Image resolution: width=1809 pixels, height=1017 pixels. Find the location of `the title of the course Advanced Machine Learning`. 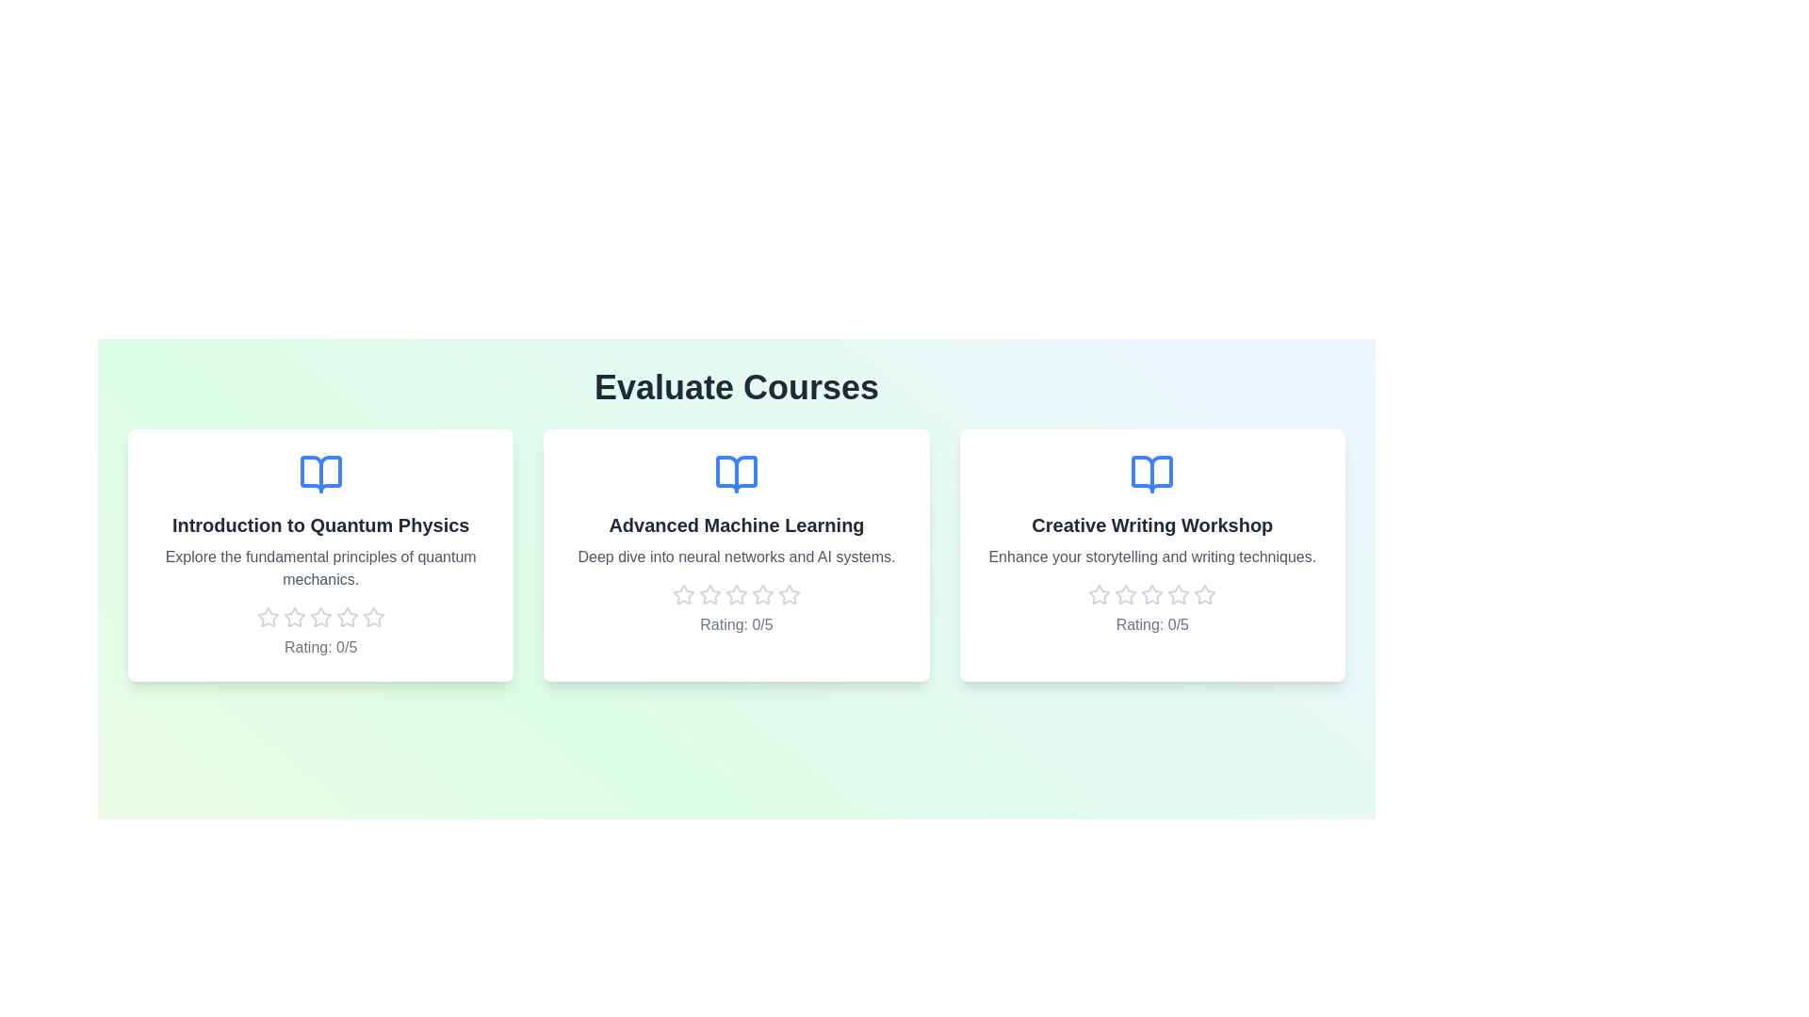

the title of the course Advanced Machine Learning is located at coordinates (736, 525).